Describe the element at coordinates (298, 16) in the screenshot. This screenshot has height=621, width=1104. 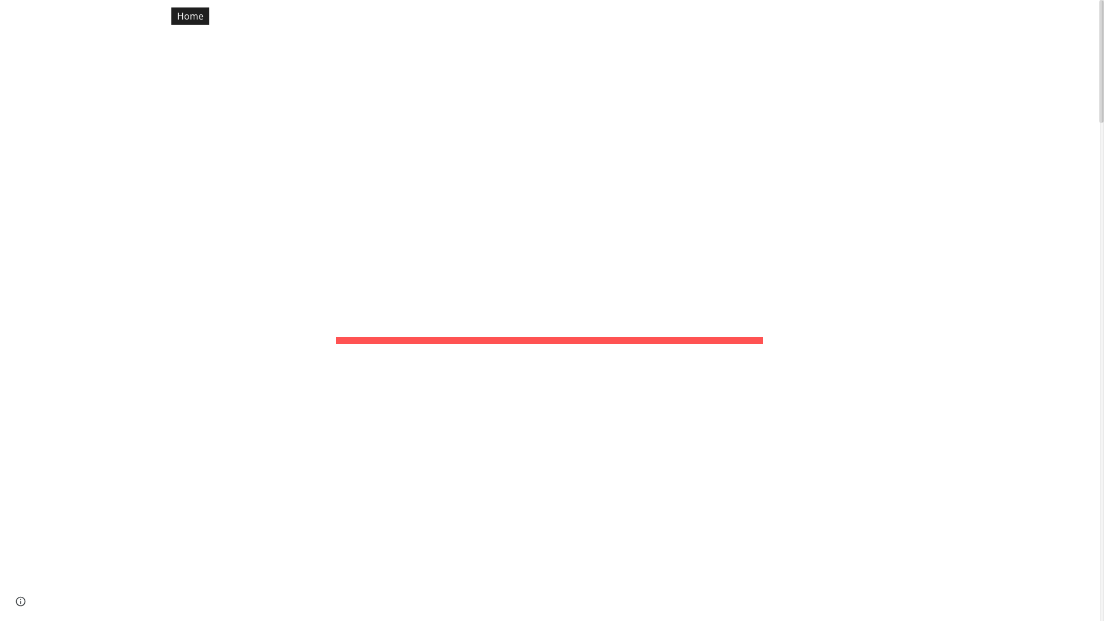
I see `'My Checklist'` at that location.